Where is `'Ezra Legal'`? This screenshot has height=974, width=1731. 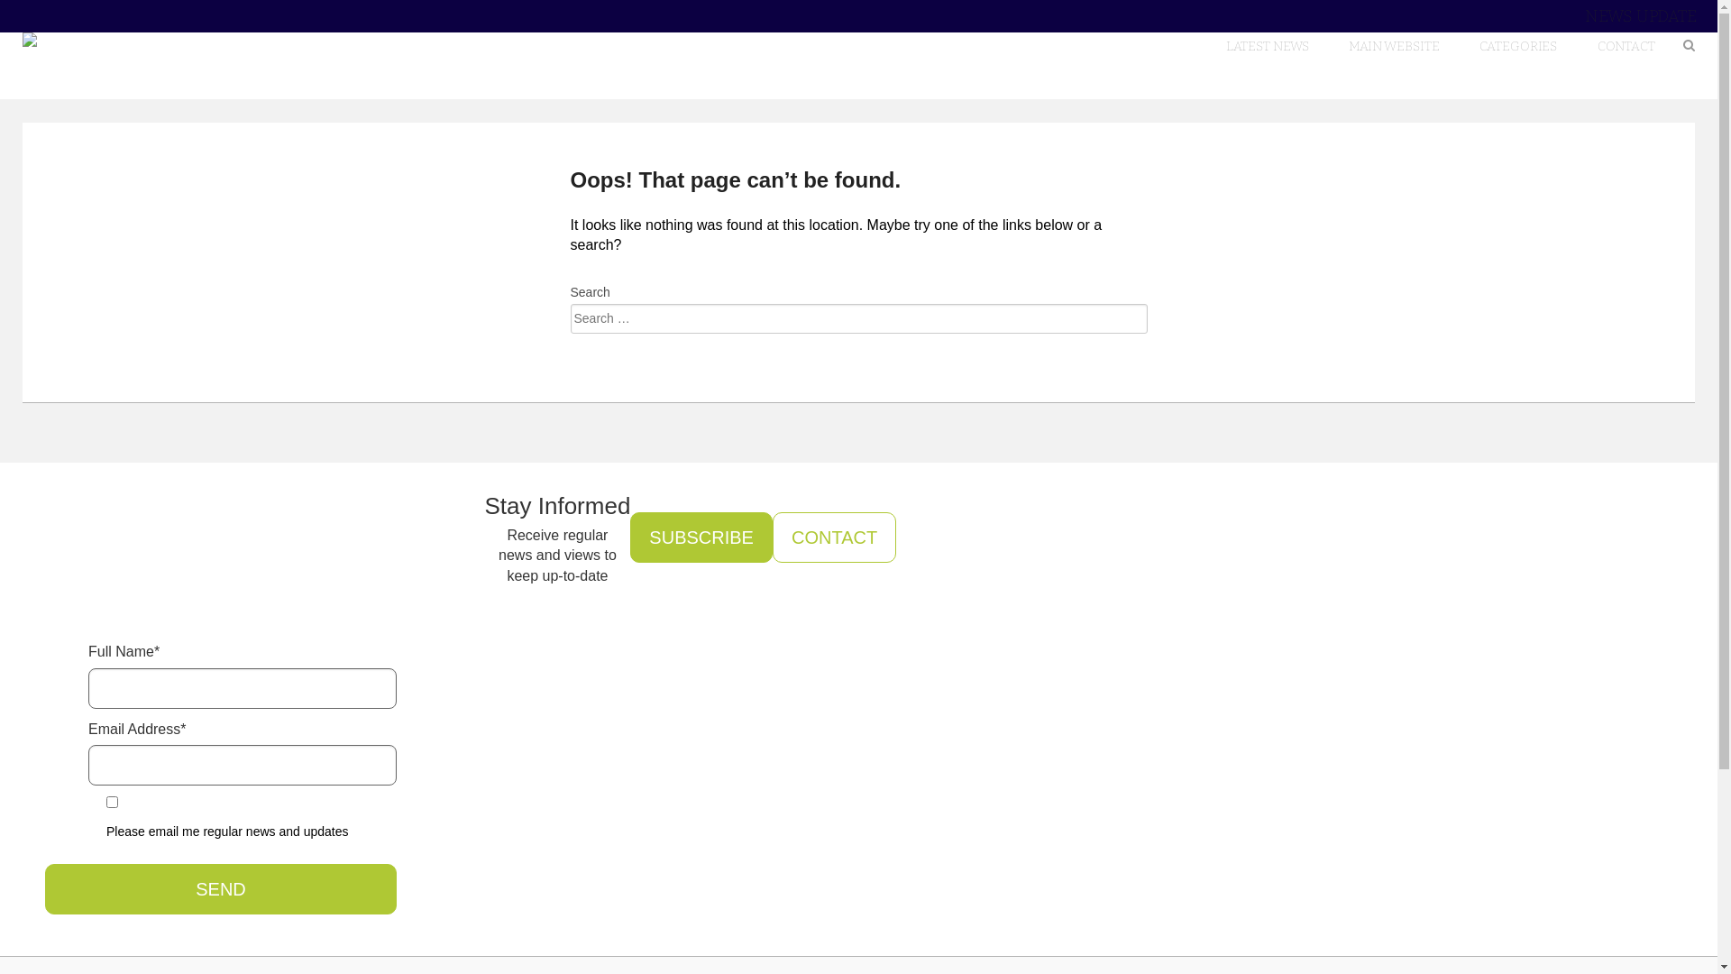 'Ezra Legal' is located at coordinates (133, 39).